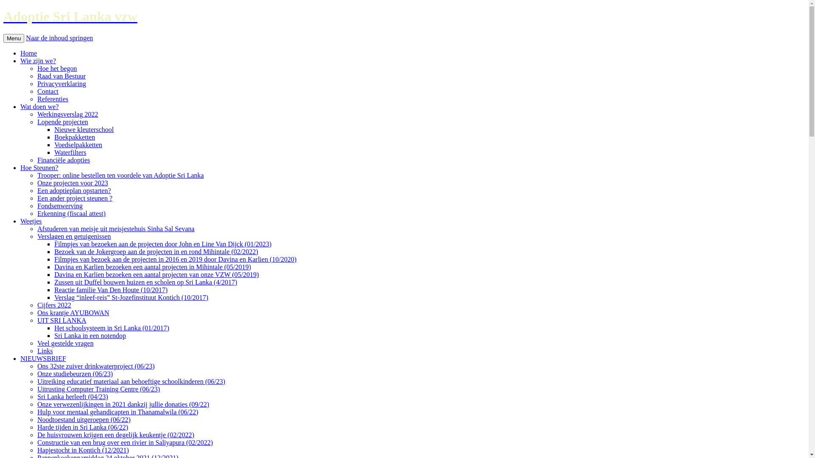  I want to click on 'Naar de inhoud springen', so click(59, 37).